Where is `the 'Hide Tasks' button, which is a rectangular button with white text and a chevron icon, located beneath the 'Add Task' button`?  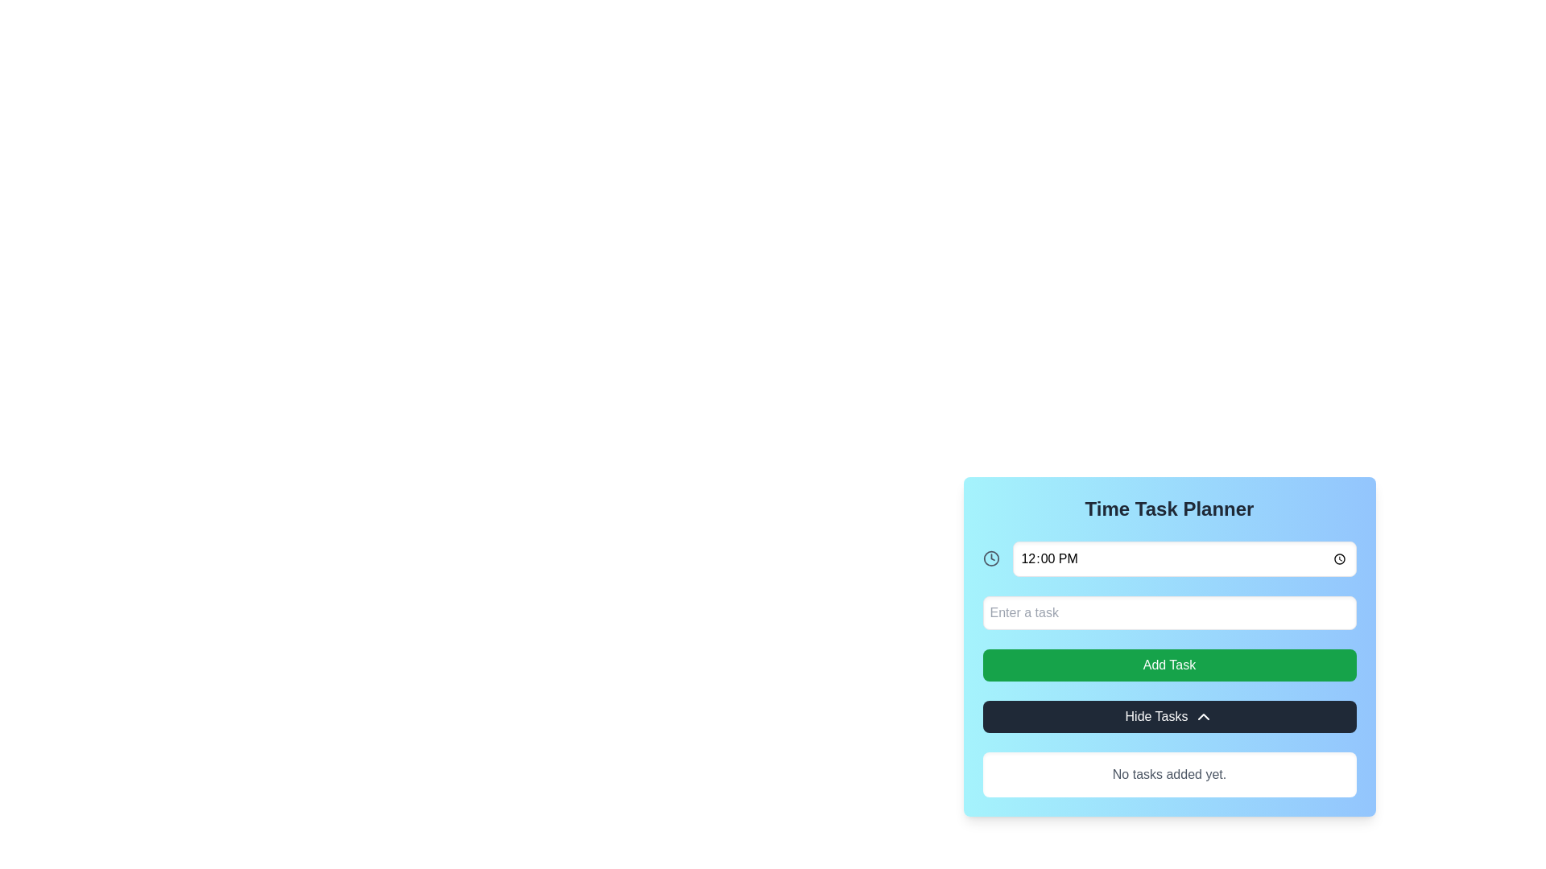 the 'Hide Tasks' button, which is a rectangular button with white text and a chevron icon, located beneath the 'Add Task' button is located at coordinates (1169, 716).